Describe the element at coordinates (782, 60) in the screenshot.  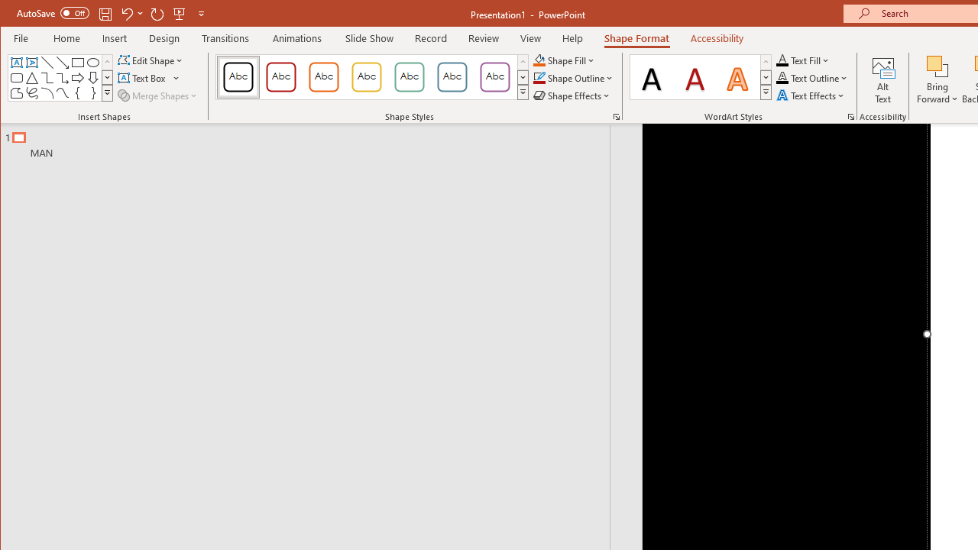
I see `'Text Fill RGB(0, 0, 0)'` at that location.